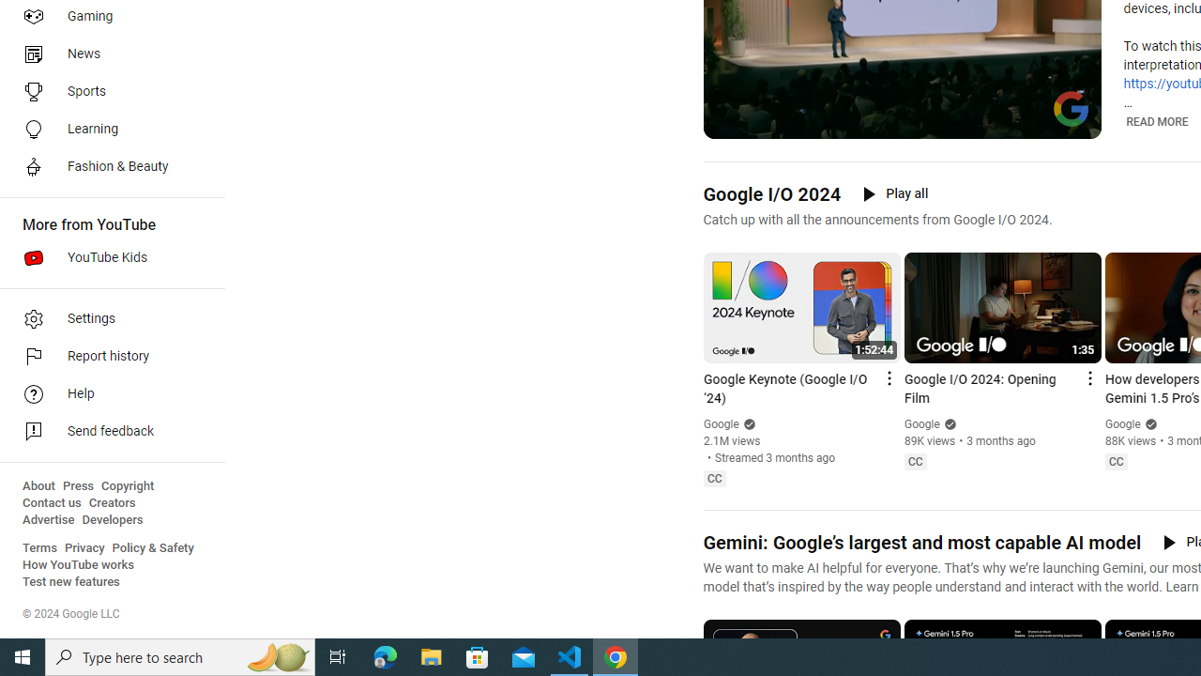 Image resolution: width=1201 pixels, height=676 pixels. I want to click on 'READ MORE', so click(1156, 121).